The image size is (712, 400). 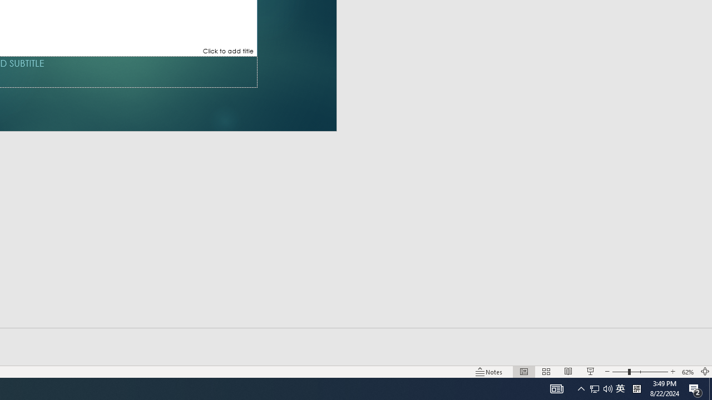 I want to click on 'Zoom 62%', so click(x=688, y=372).